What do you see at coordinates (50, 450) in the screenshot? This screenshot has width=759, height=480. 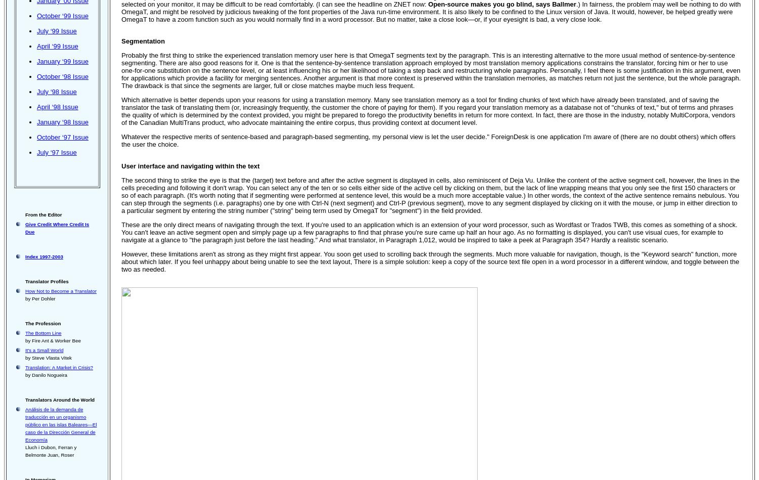 I see `'Lluch i Dubon, Ferran y Belmonte Juan, Roser'` at bounding box center [50, 450].